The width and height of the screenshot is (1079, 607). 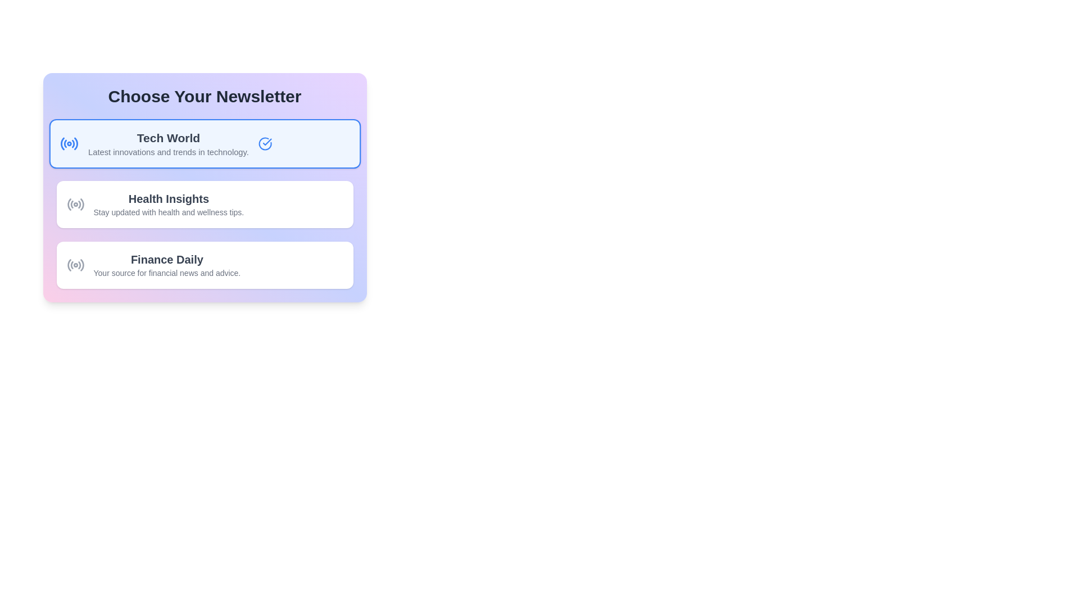 What do you see at coordinates (75, 204) in the screenshot?
I see `the 'Health Insights' icon, which is located to the left of the text group in the second newsletter option` at bounding box center [75, 204].